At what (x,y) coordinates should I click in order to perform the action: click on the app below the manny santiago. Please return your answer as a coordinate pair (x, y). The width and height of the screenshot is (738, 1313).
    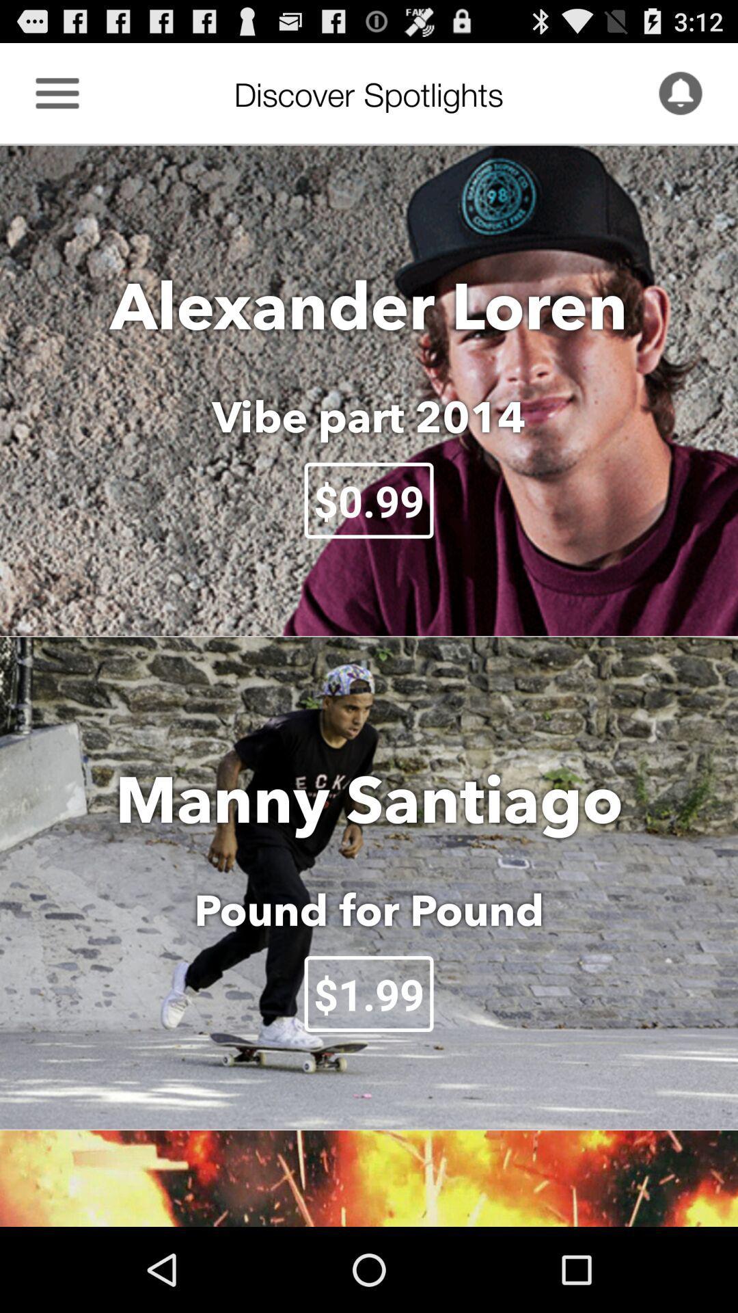
    Looking at the image, I should click on (369, 910).